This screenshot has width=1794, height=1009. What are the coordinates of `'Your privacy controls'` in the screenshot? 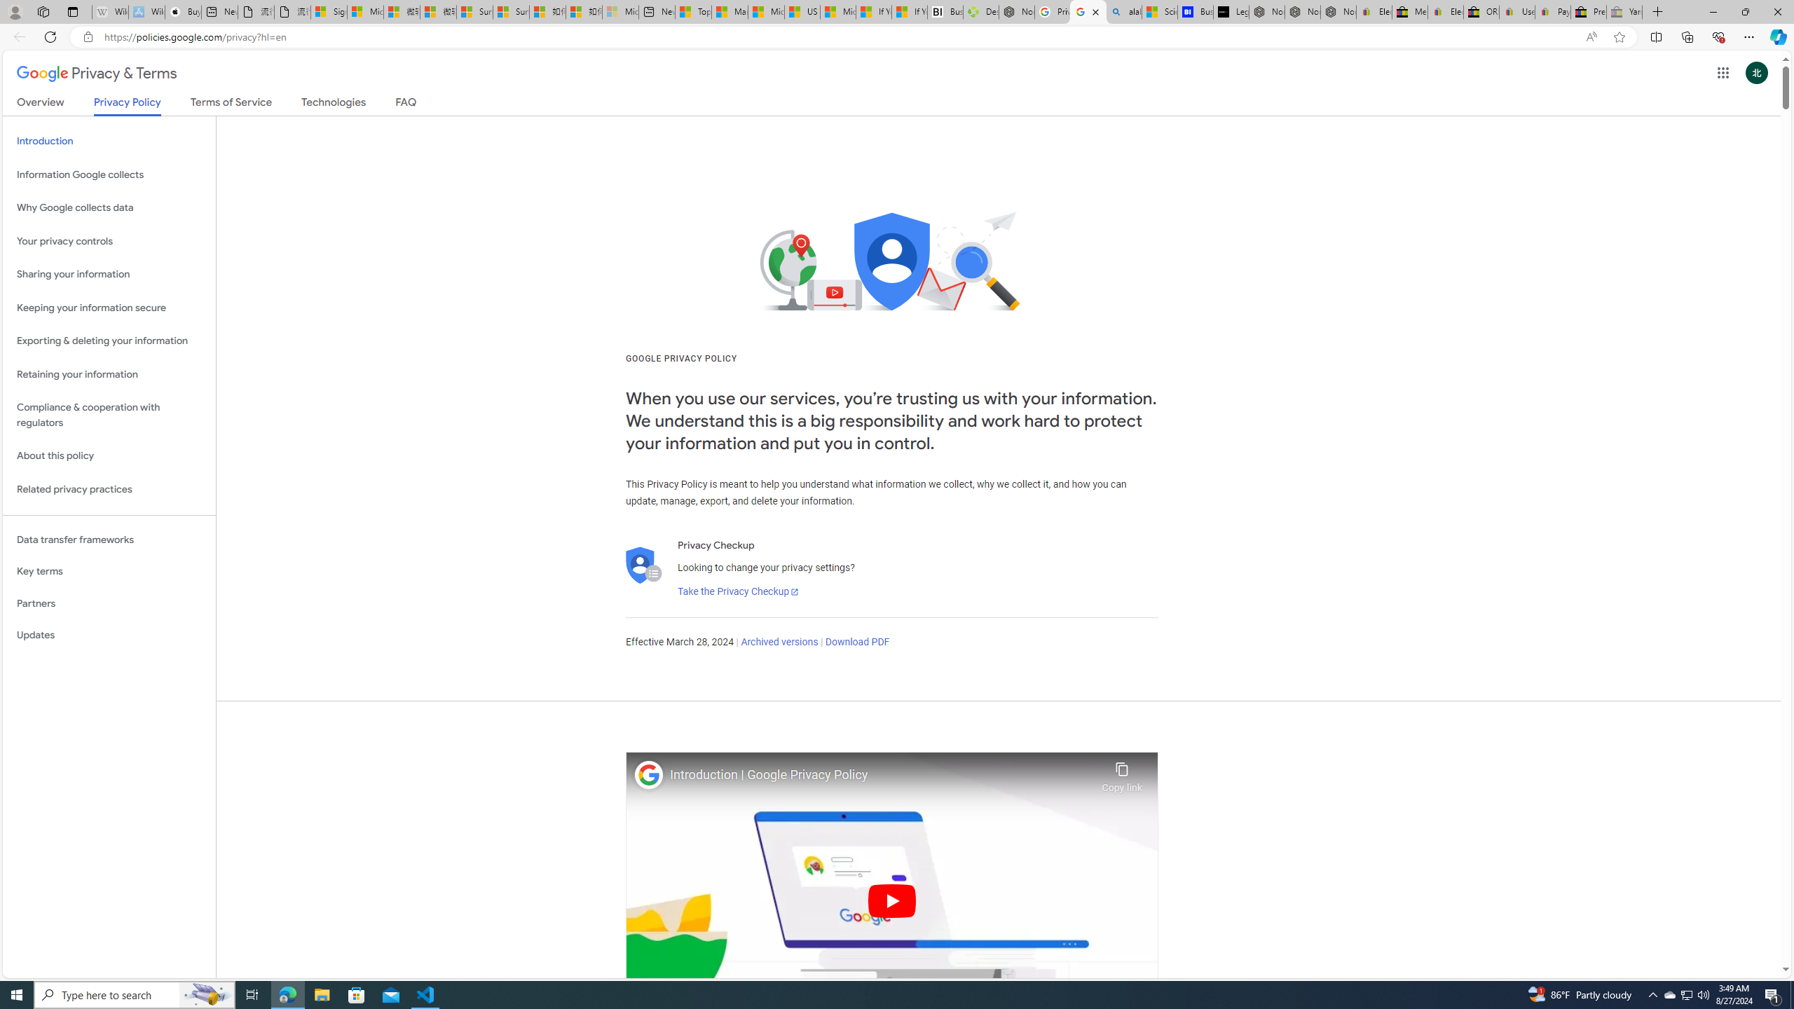 It's located at (109, 241).